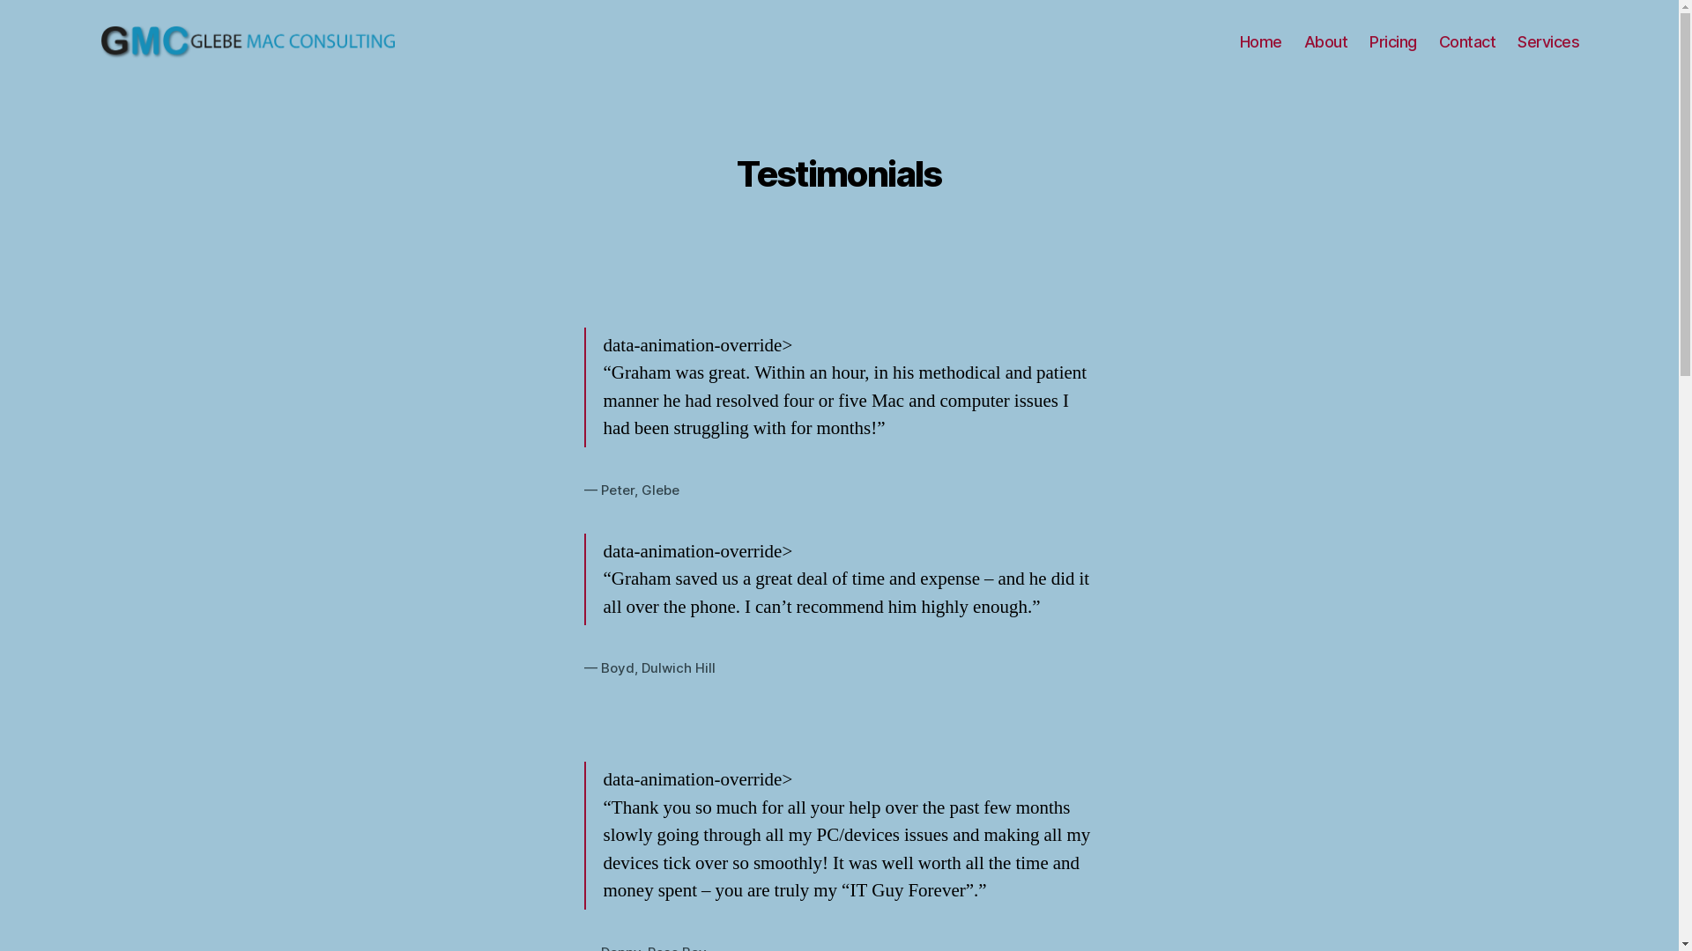 The width and height of the screenshot is (1692, 951). What do you see at coordinates (1326, 41) in the screenshot?
I see `'About'` at bounding box center [1326, 41].